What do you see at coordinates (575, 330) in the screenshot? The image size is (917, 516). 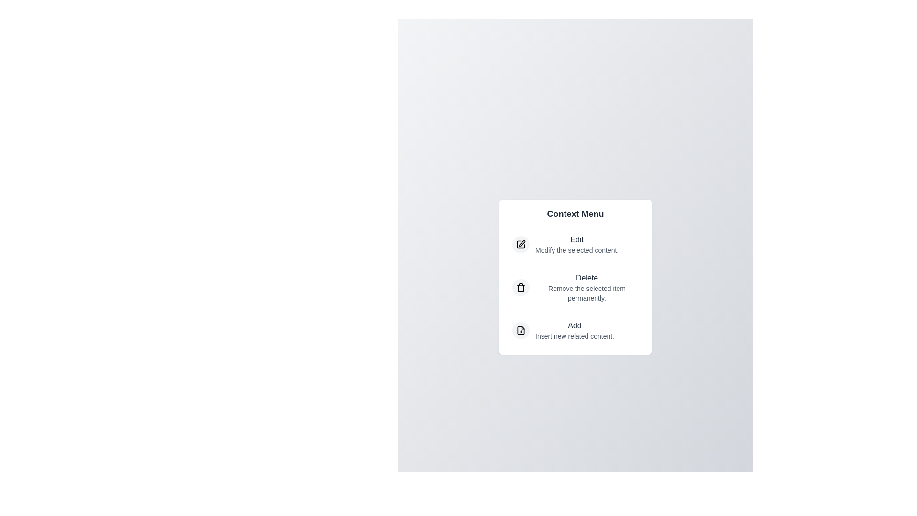 I see `the menu item labeled Add to view its hover effect` at bounding box center [575, 330].